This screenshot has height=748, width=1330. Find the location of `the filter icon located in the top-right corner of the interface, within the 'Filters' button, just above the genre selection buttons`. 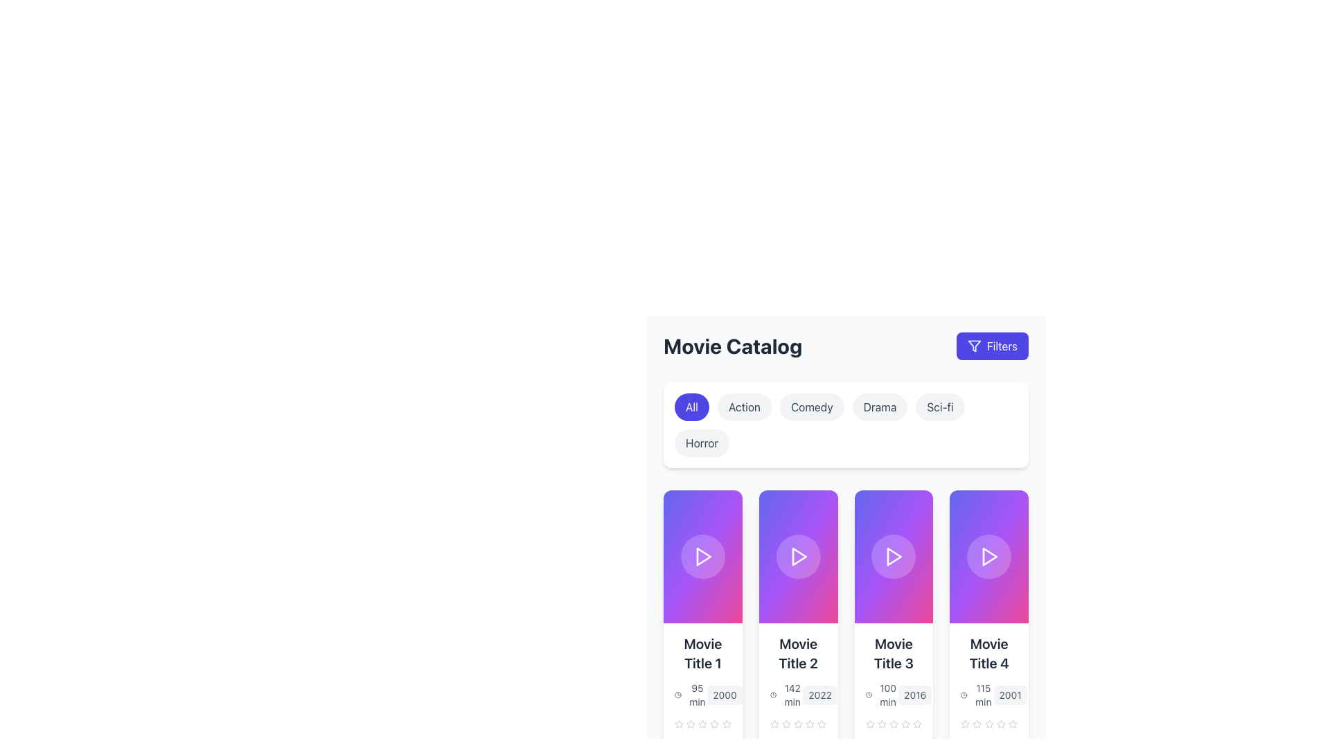

the filter icon located in the top-right corner of the interface, within the 'Filters' button, just above the genre selection buttons is located at coordinates (973, 346).